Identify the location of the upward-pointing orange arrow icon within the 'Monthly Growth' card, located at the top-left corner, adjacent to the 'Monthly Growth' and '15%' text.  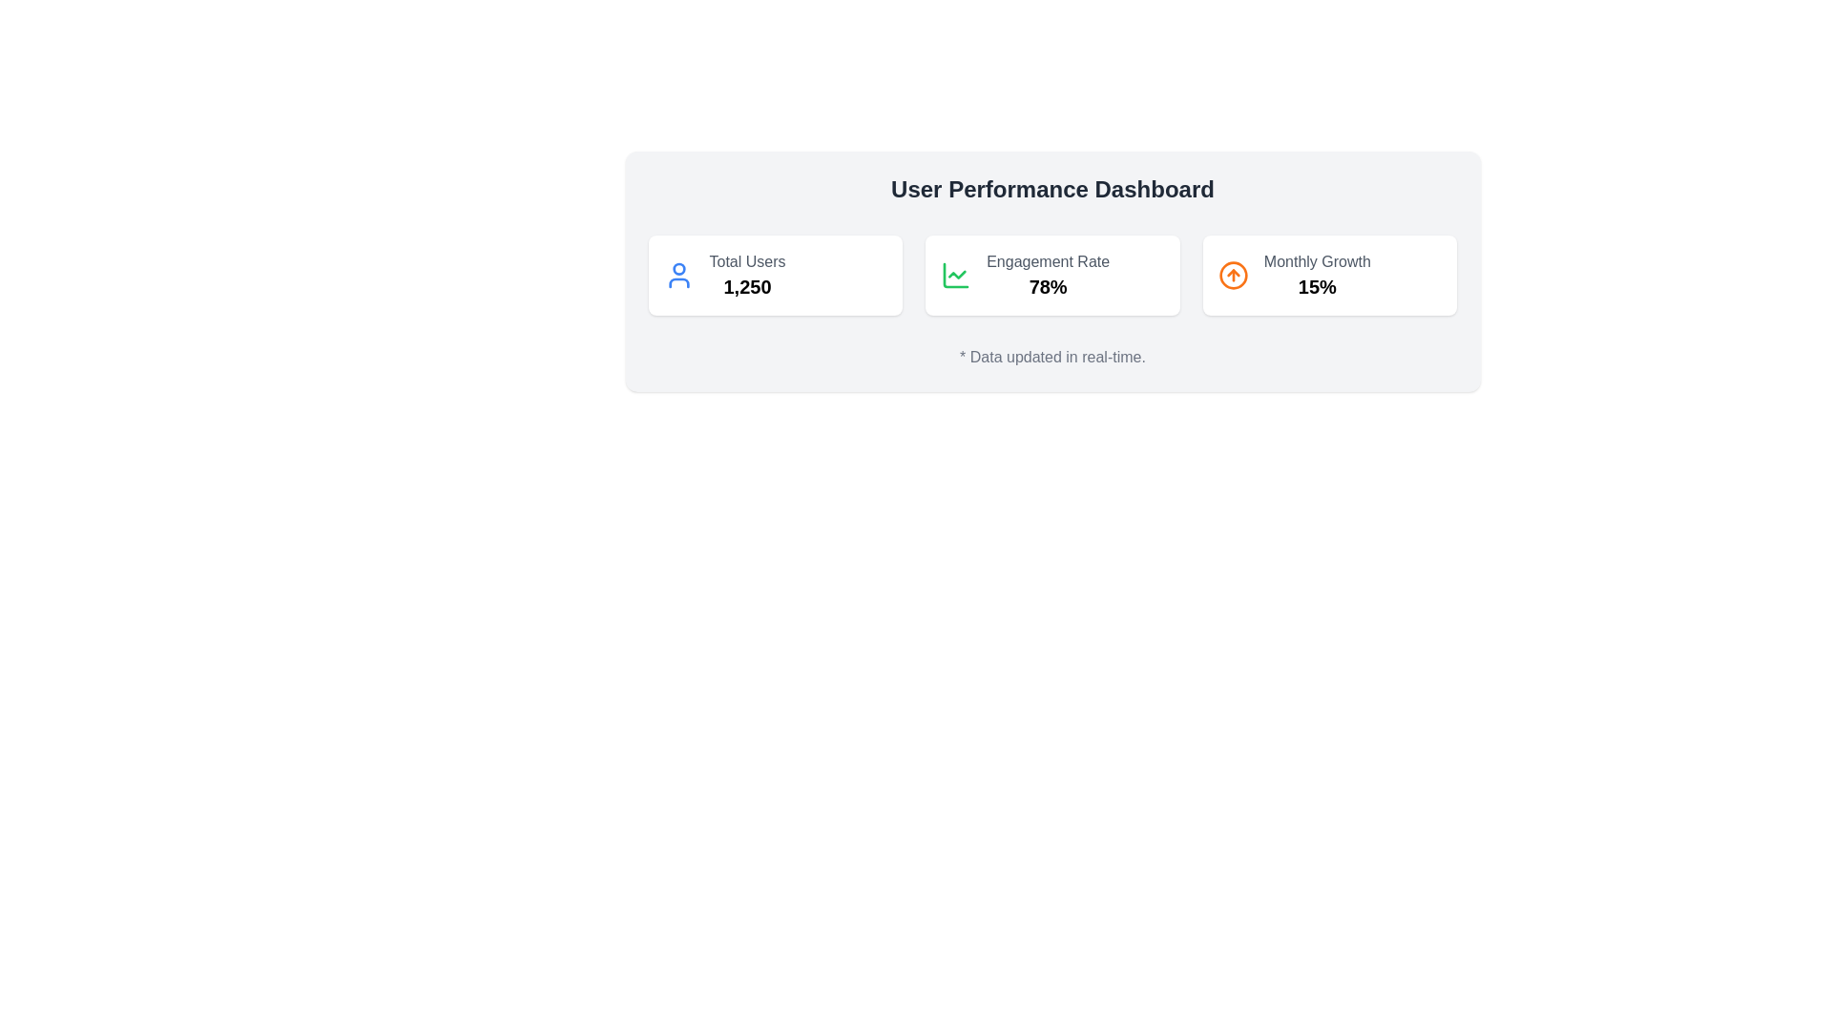
(1233, 276).